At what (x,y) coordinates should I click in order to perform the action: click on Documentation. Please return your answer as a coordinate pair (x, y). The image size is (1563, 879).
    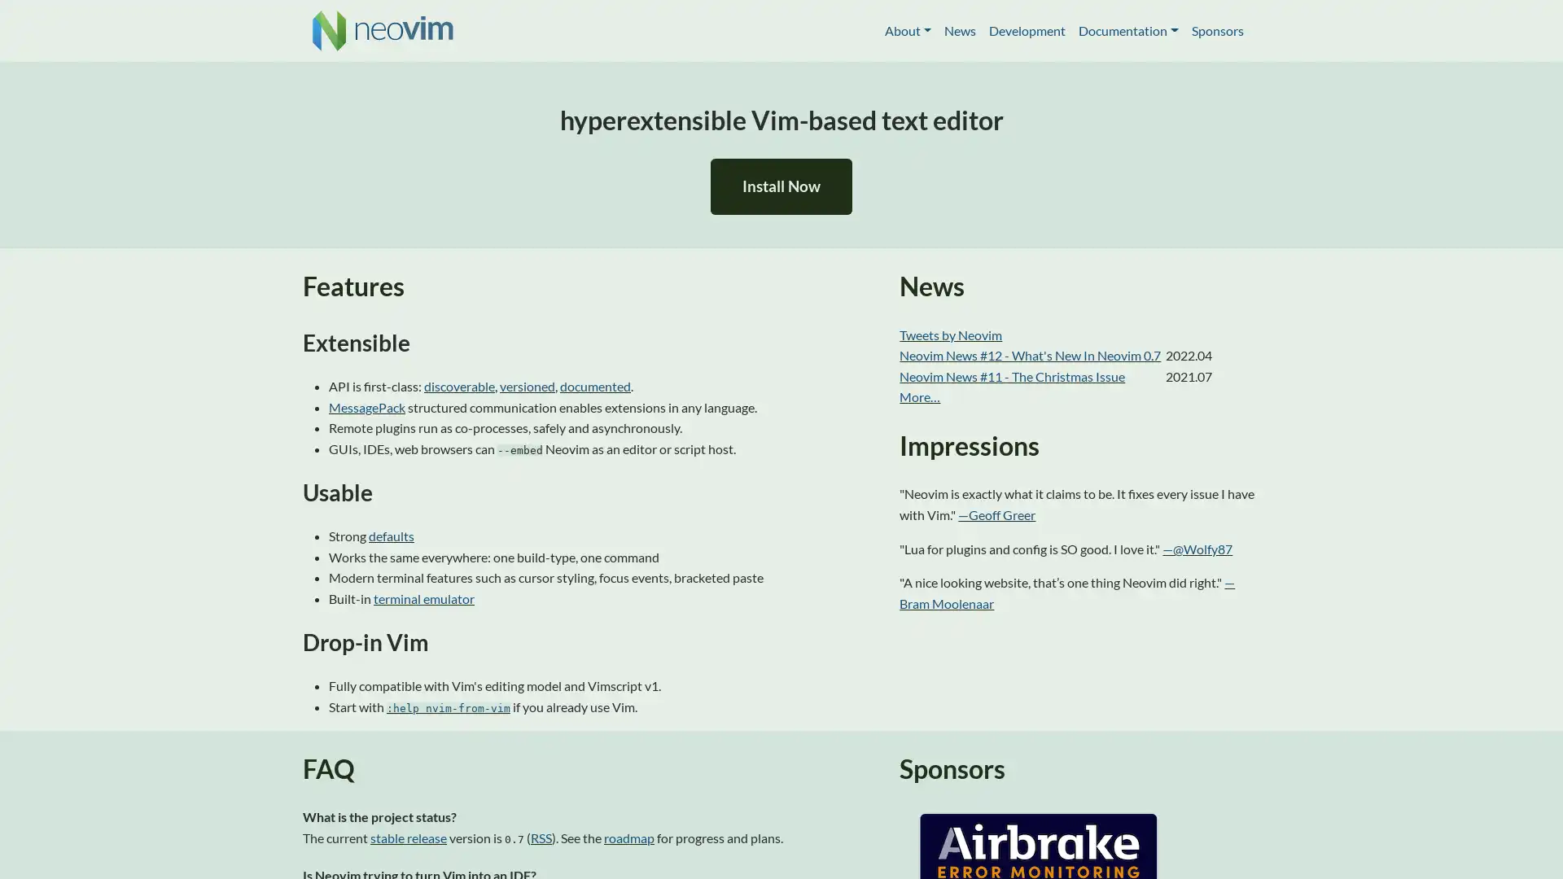
    Looking at the image, I should click on (1127, 30).